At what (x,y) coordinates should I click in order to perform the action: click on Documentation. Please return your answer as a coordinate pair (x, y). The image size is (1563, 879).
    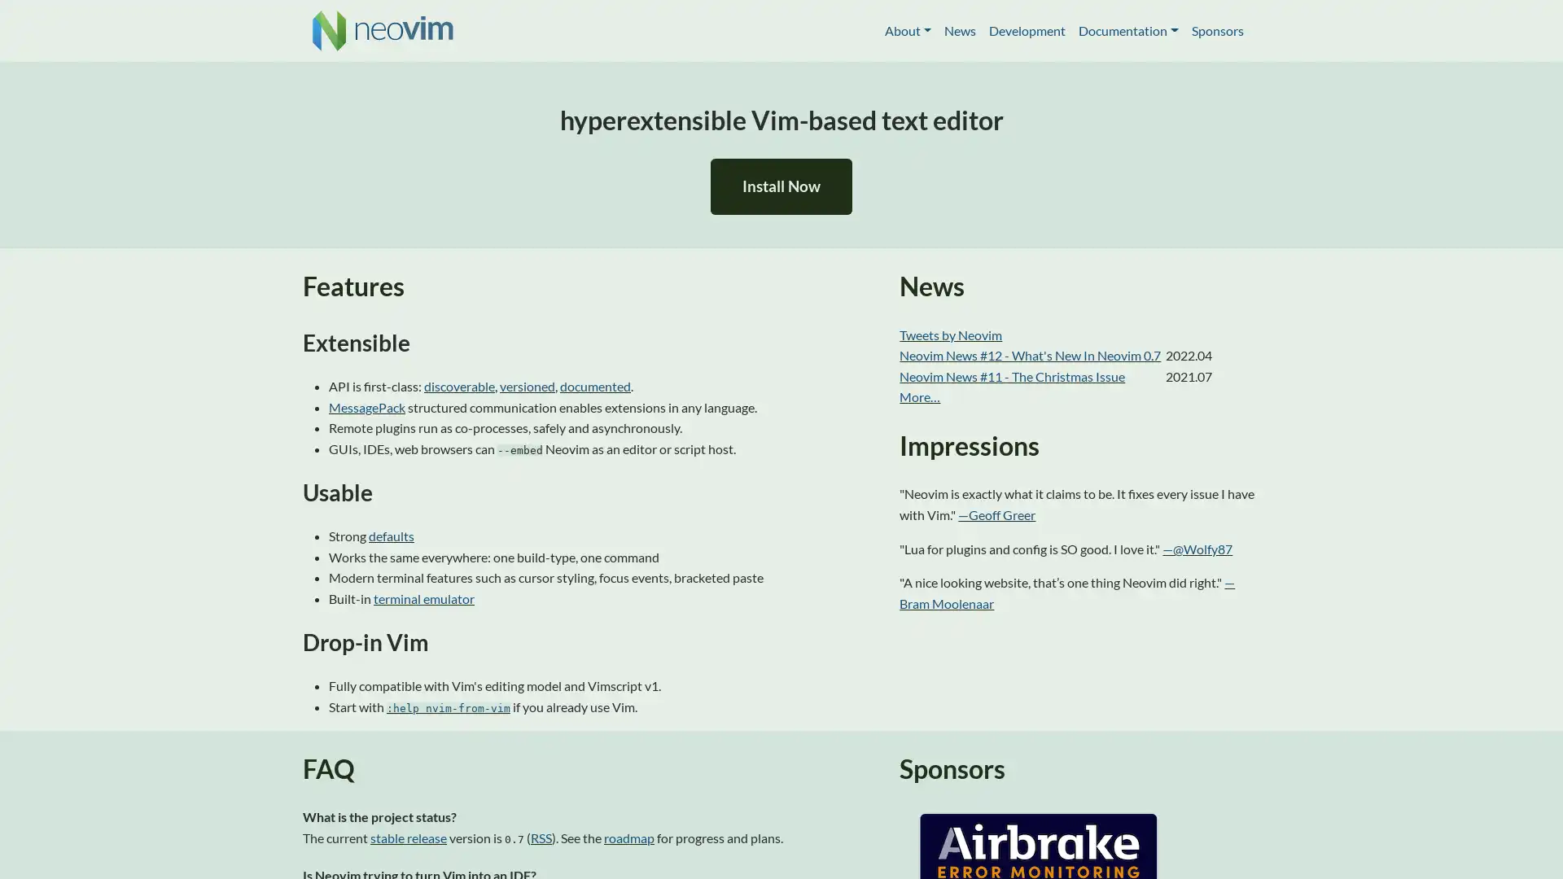
    Looking at the image, I should click on (1127, 30).